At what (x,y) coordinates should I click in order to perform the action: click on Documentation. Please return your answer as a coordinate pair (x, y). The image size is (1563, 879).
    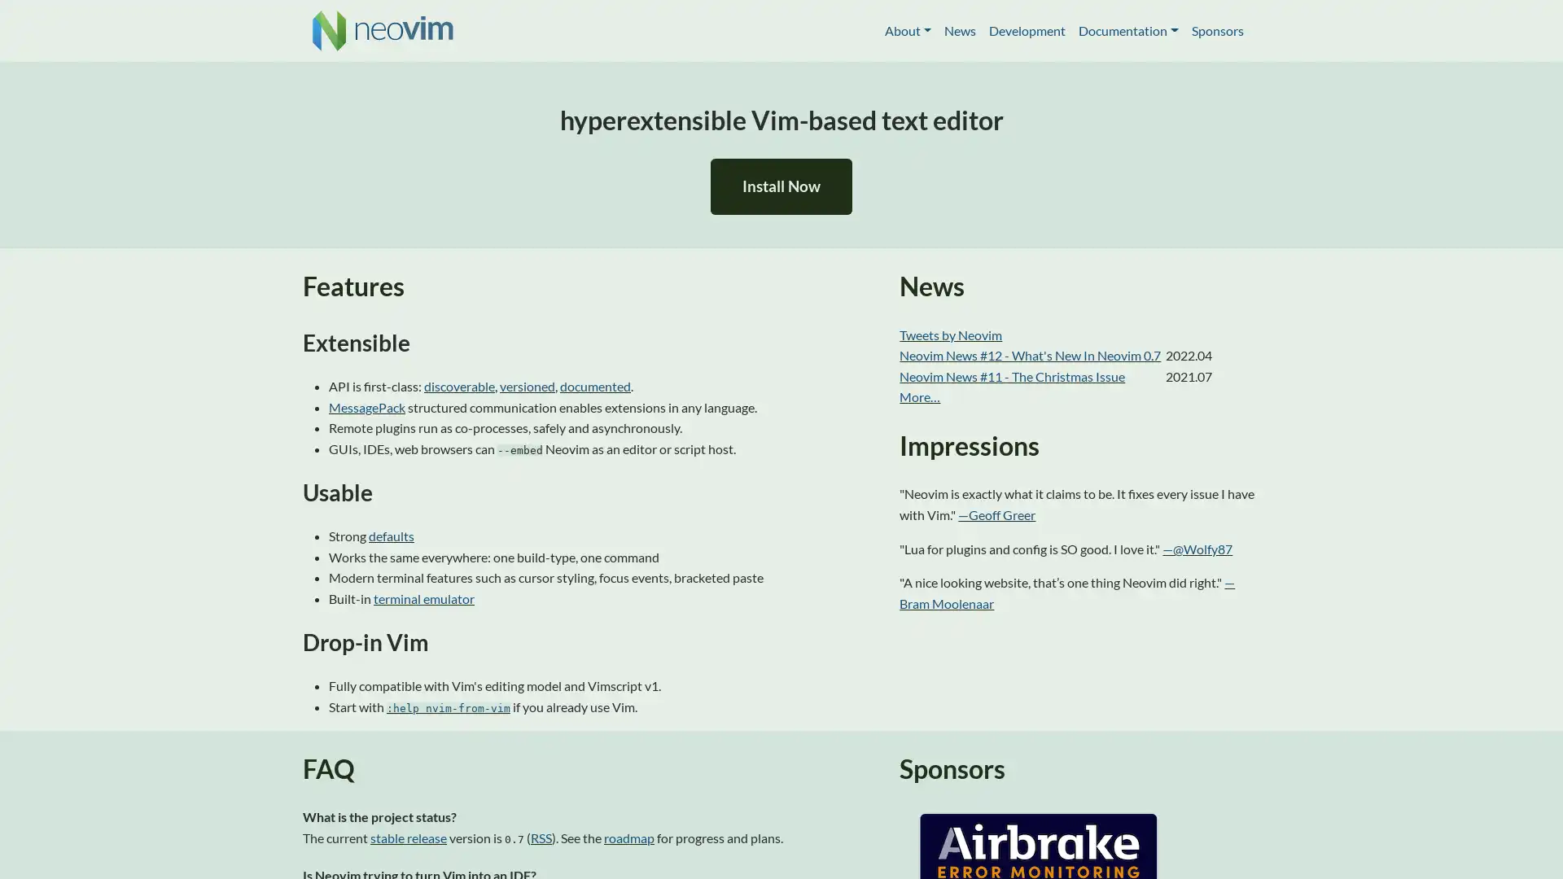
    Looking at the image, I should click on (1127, 30).